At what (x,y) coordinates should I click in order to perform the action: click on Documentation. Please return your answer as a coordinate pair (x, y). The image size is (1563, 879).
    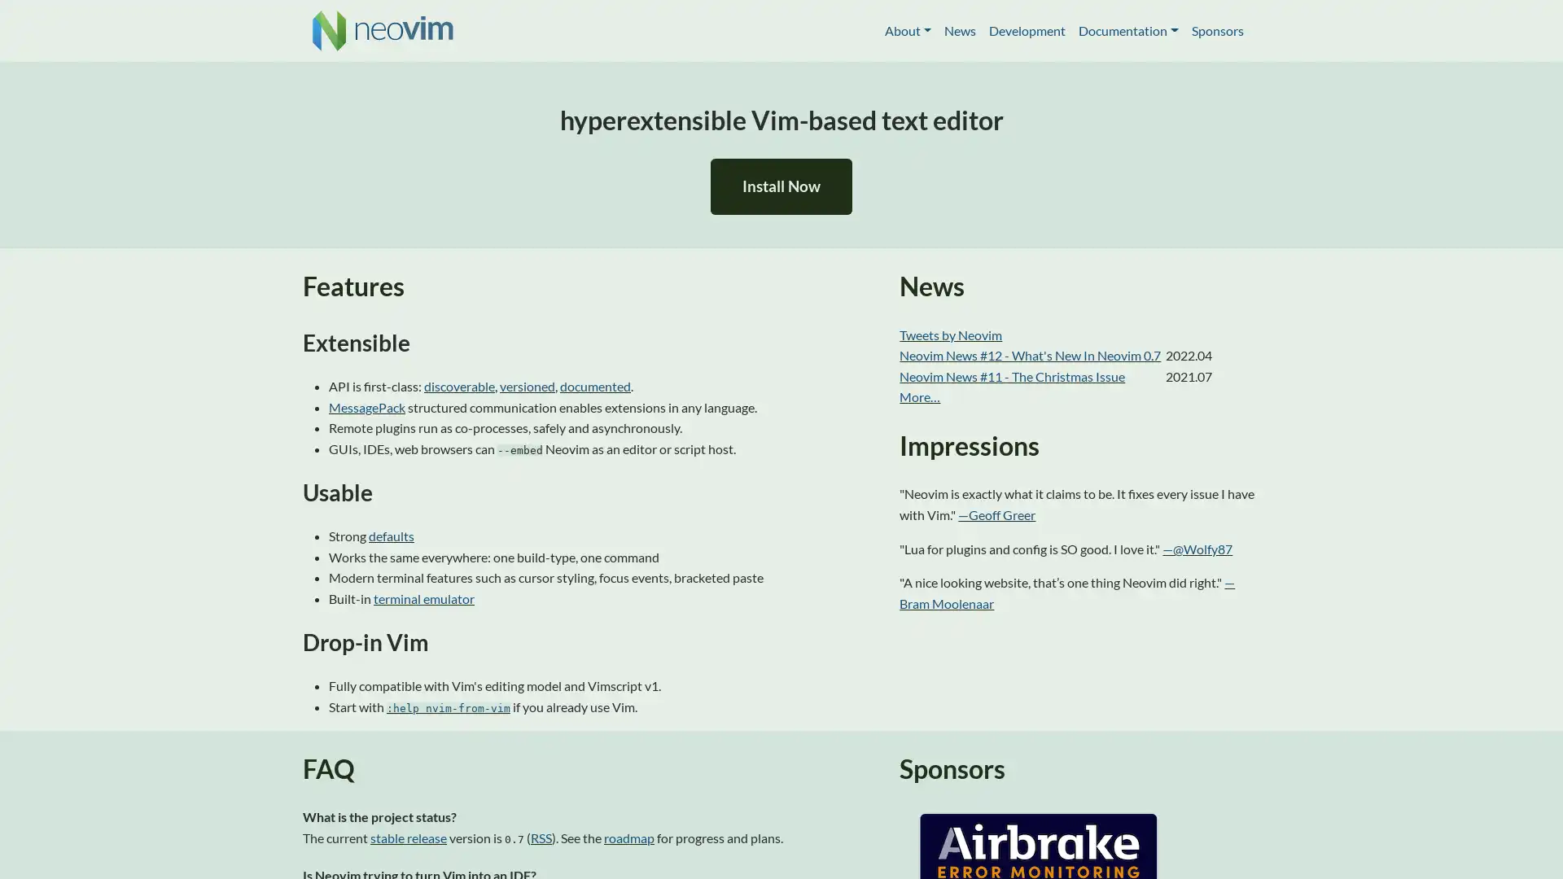
    Looking at the image, I should click on (1127, 30).